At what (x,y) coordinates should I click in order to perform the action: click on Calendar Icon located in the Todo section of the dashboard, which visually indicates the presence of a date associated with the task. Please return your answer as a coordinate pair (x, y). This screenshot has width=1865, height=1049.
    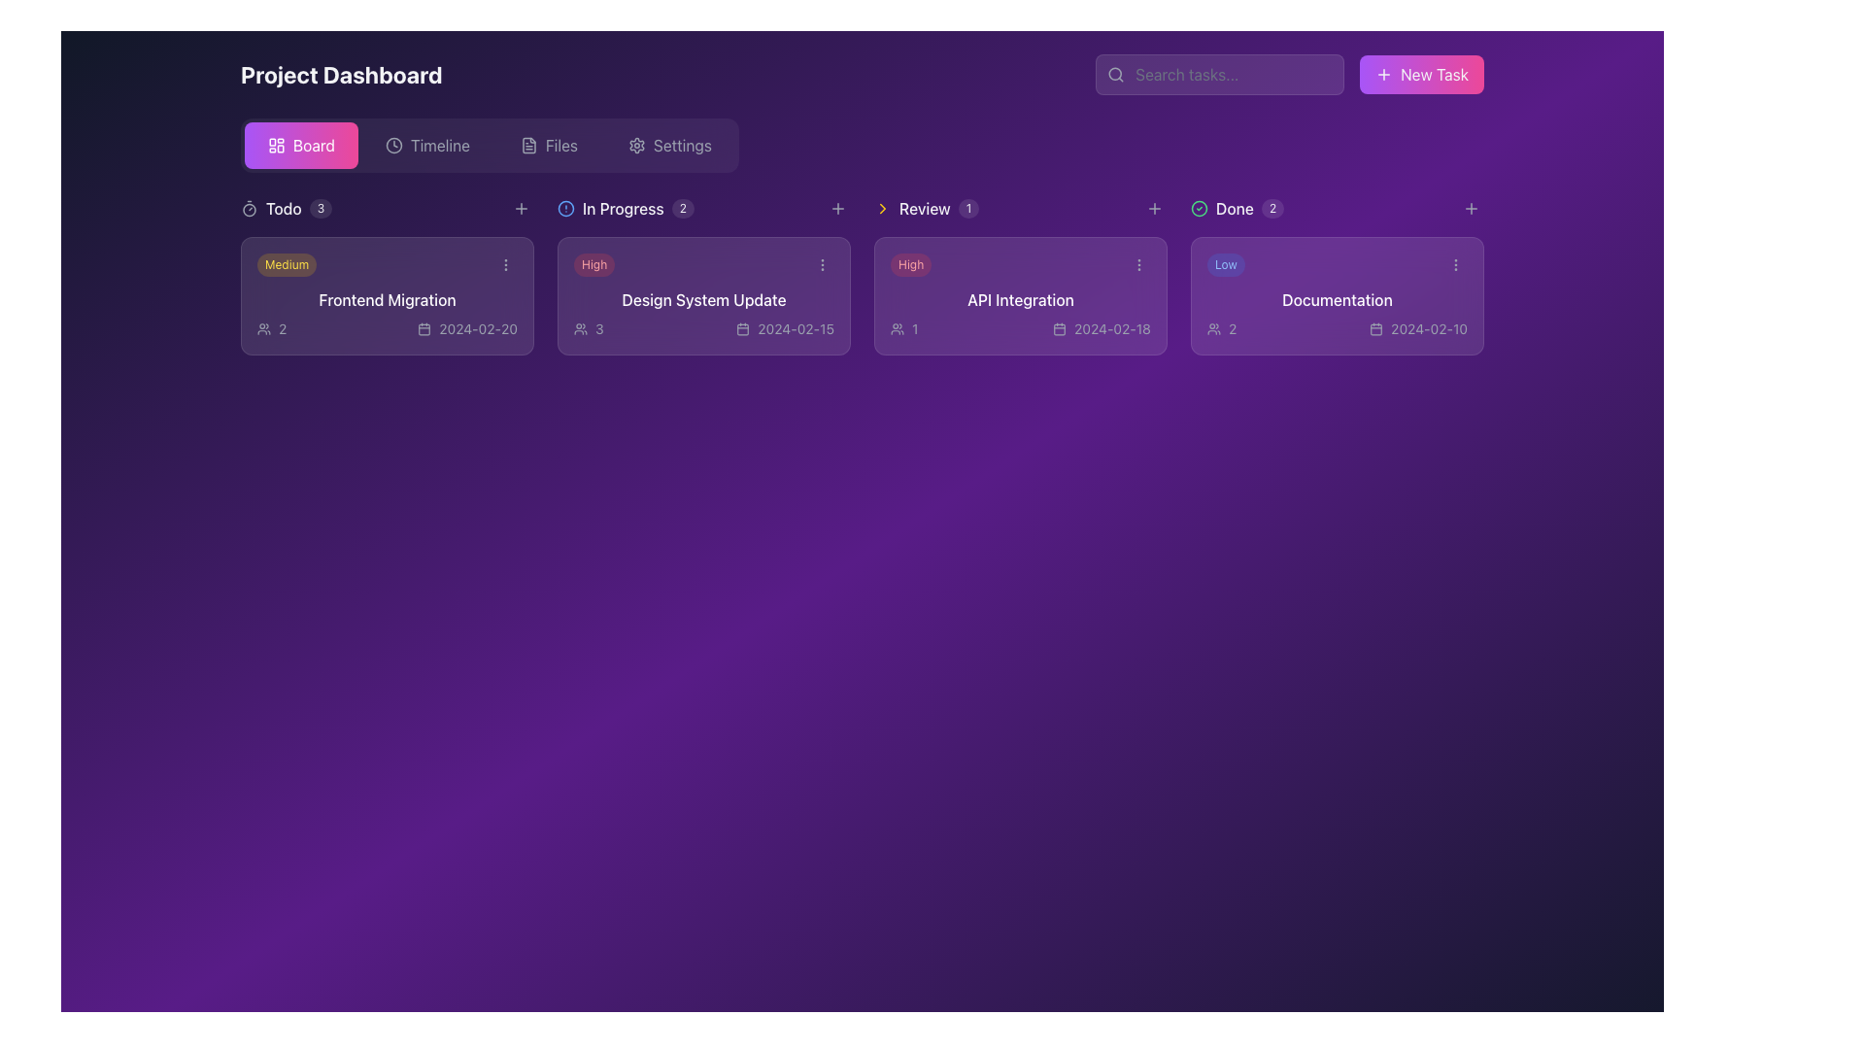
    Looking at the image, I should click on (424, 328).